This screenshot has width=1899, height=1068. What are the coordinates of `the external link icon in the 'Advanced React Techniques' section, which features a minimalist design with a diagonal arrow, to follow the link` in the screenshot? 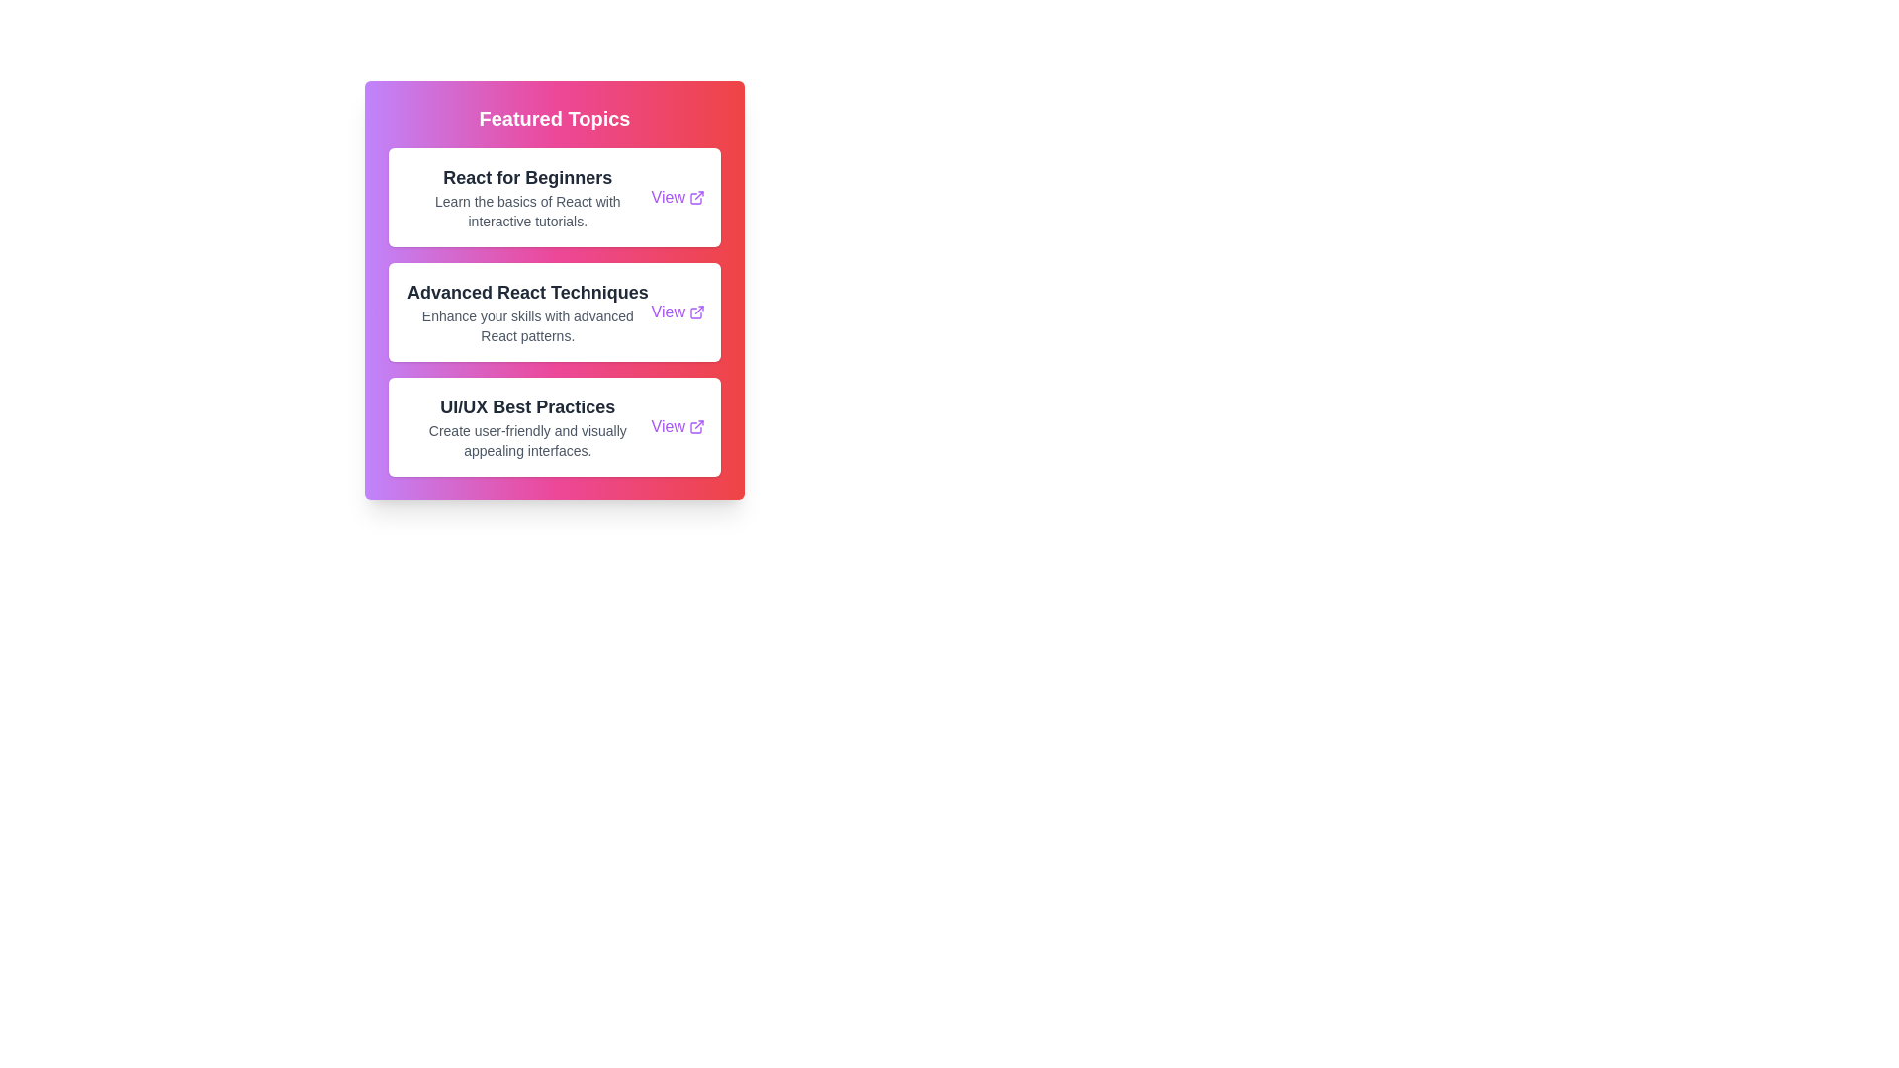 It's located at (697, 311).